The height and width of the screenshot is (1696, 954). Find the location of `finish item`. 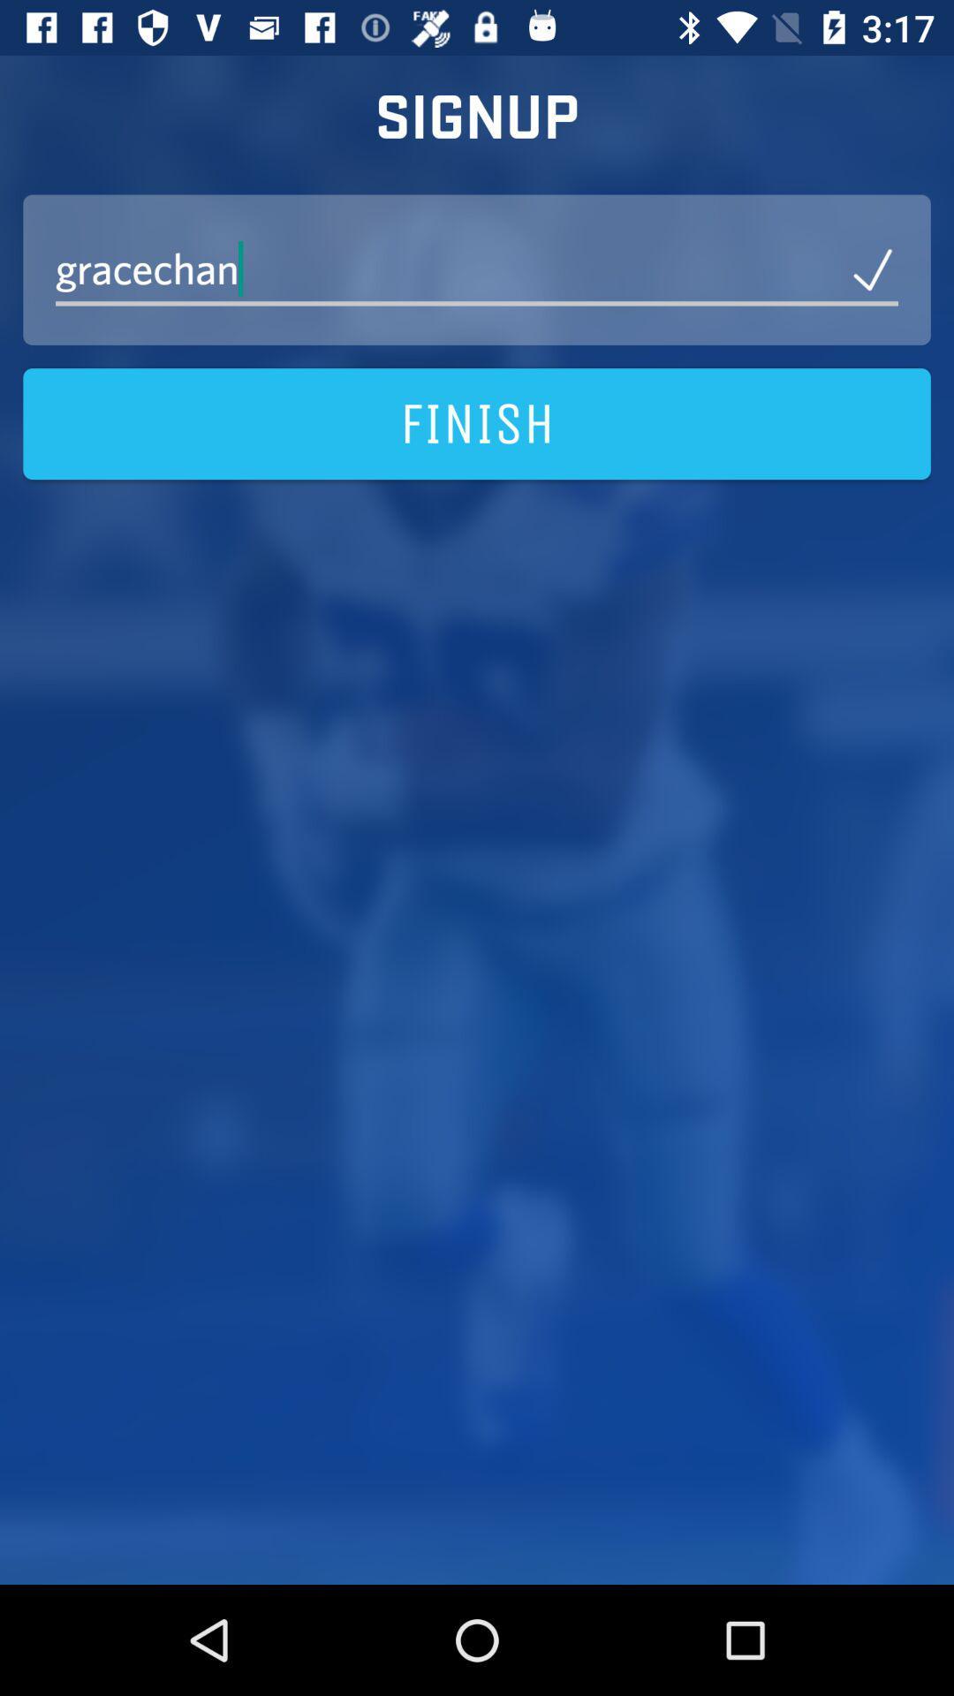

finish item is located at coordinates (477, 424).